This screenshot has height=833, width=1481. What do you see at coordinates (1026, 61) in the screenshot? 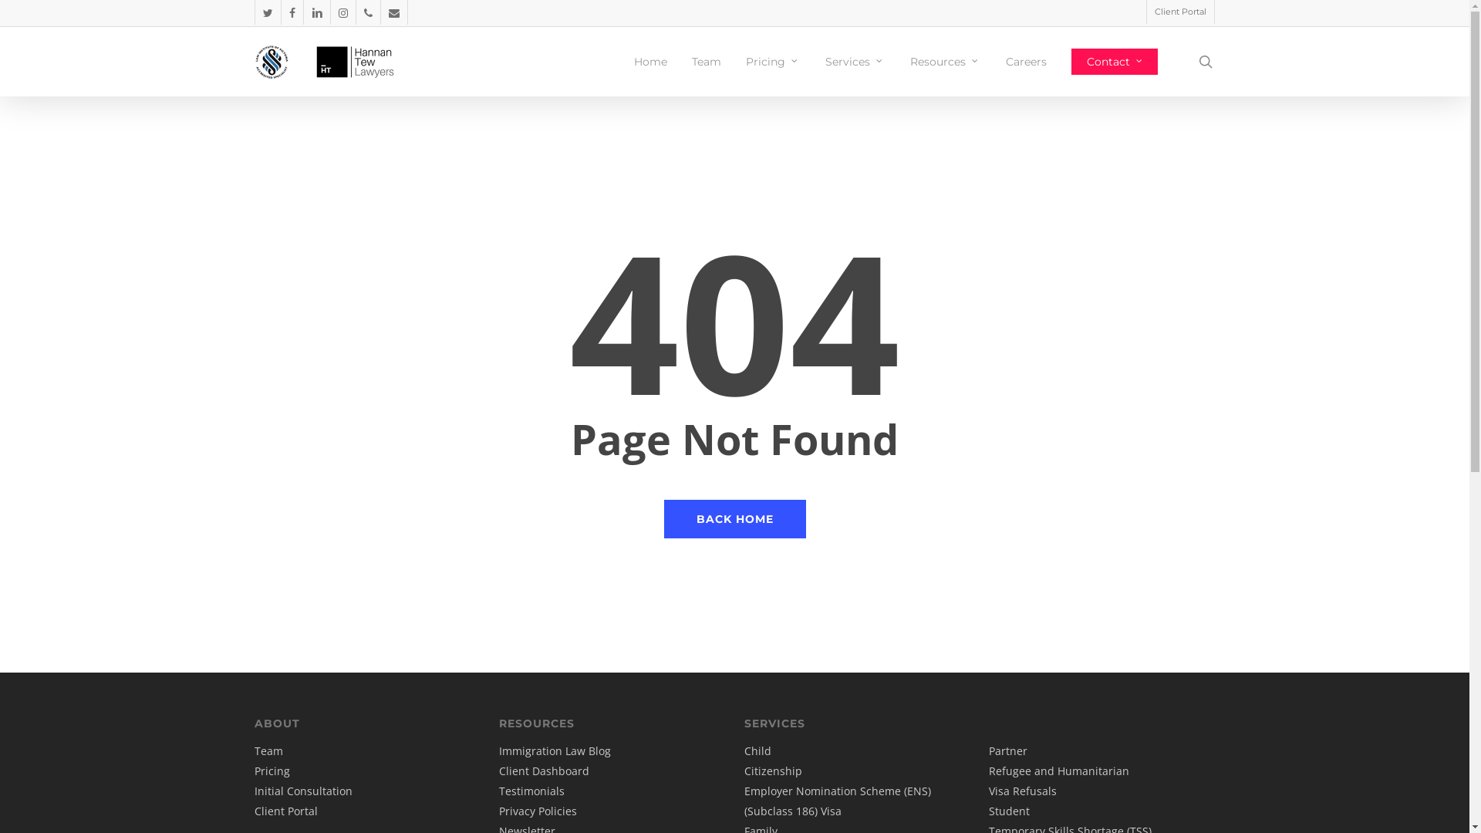
I see `'Careers'` at bounding box center [1026, 61].